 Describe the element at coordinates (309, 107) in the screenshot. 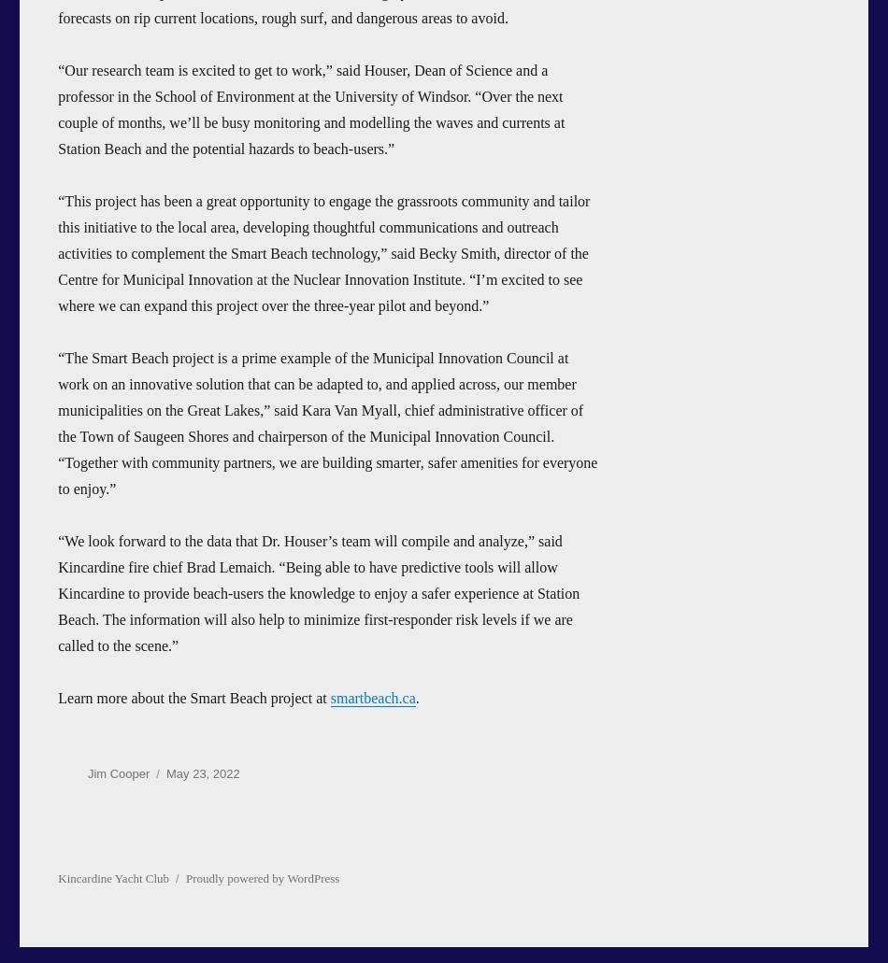

I see `'“Our research team is excited to get to work,” said Houser, Dean of Science and a professor in the School of Environment at the University of Windsor. “Over the next couple of months, we’ll be busy monitoring and modelling the waves and currents at Station Beach and the potential hazards to beach-users.”'` at that location.